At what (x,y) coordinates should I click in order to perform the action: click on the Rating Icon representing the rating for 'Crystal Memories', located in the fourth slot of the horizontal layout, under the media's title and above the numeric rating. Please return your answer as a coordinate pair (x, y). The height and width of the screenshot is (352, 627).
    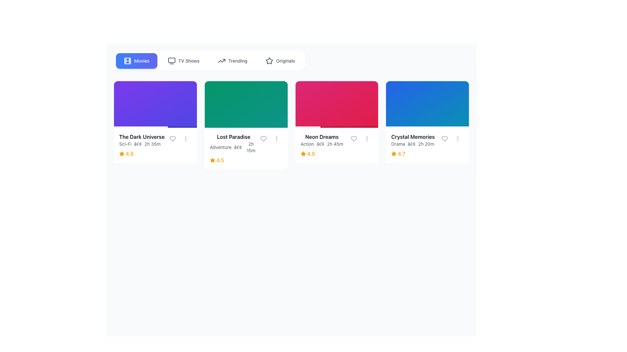
    Looking at the image, I should click on (394, 154).